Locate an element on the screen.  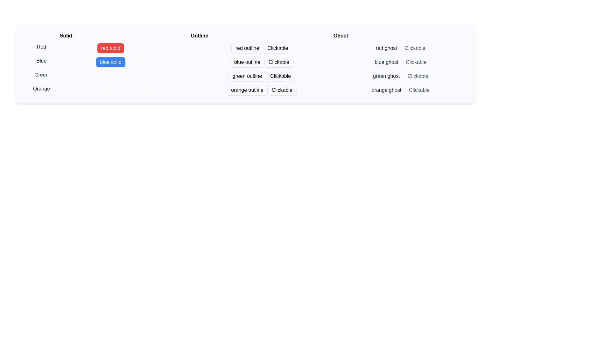
the text label displaying the word 'Clickable' in gray, located in the 'Ghost' column of the tabular layout, next to the 'green ghost' label is located at coordinates (418, 76).